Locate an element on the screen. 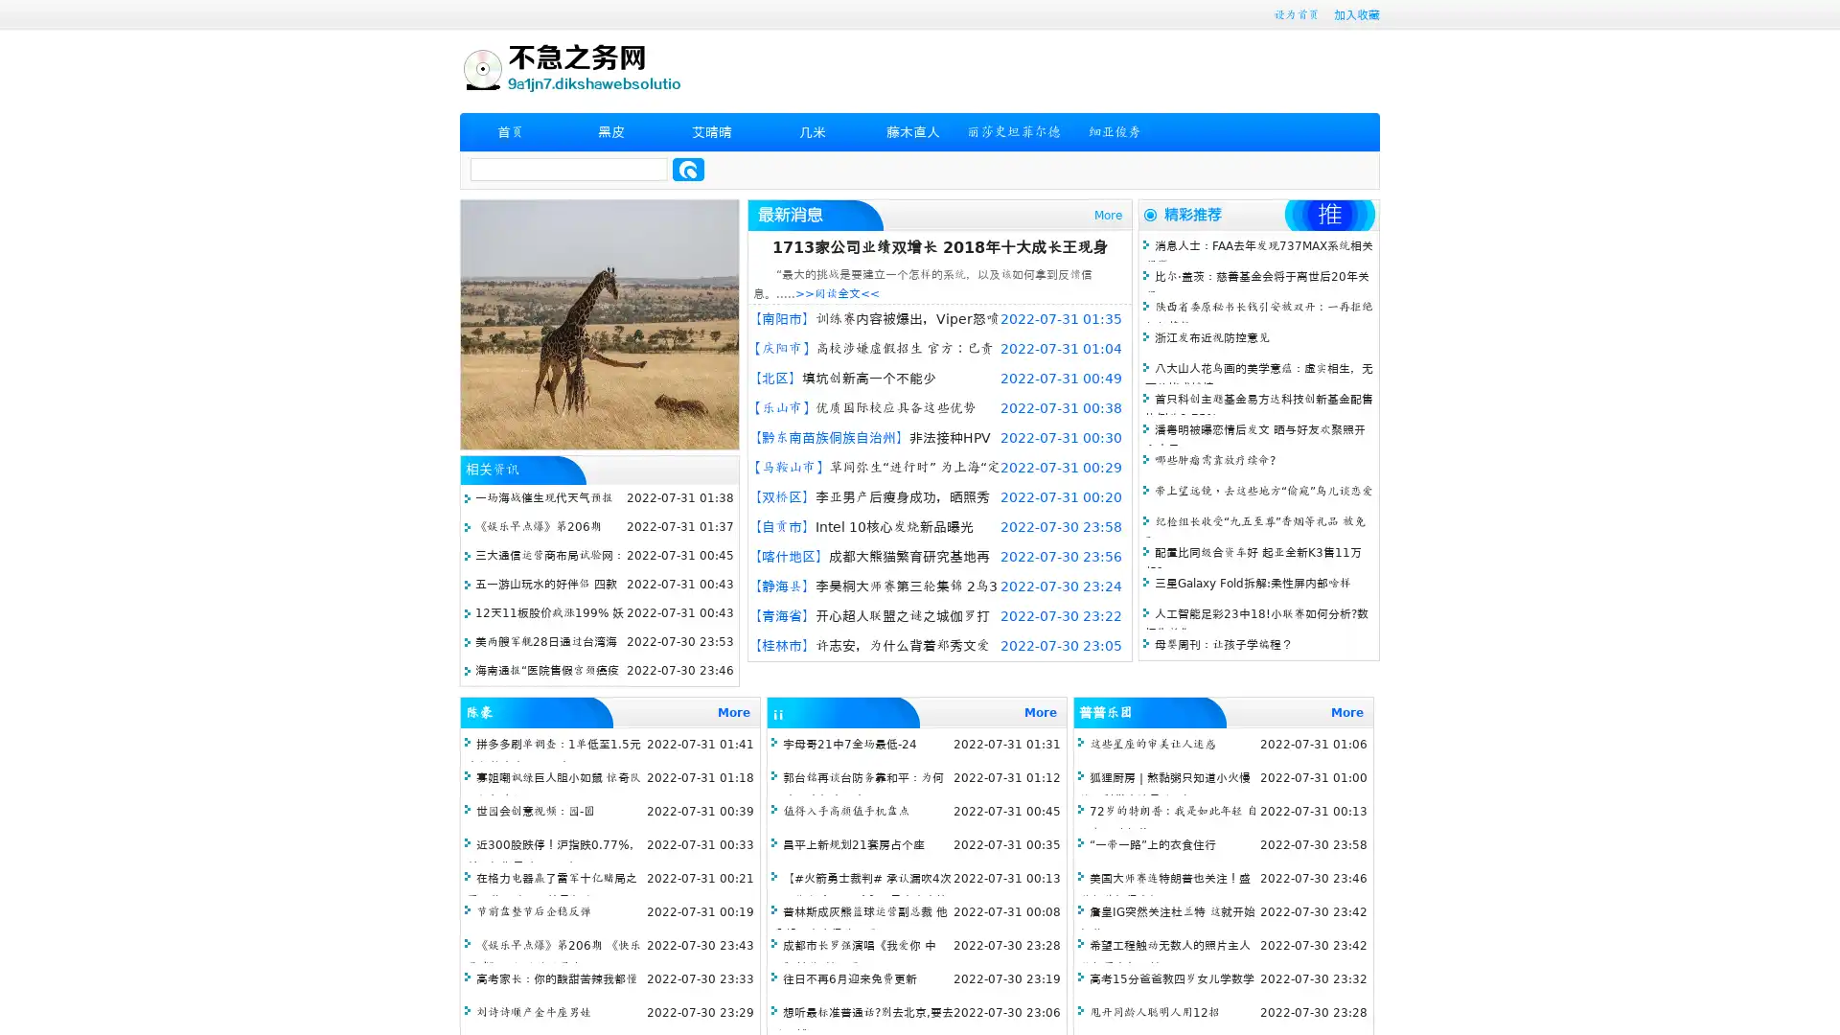  Search is located at coordinates (688, 169).